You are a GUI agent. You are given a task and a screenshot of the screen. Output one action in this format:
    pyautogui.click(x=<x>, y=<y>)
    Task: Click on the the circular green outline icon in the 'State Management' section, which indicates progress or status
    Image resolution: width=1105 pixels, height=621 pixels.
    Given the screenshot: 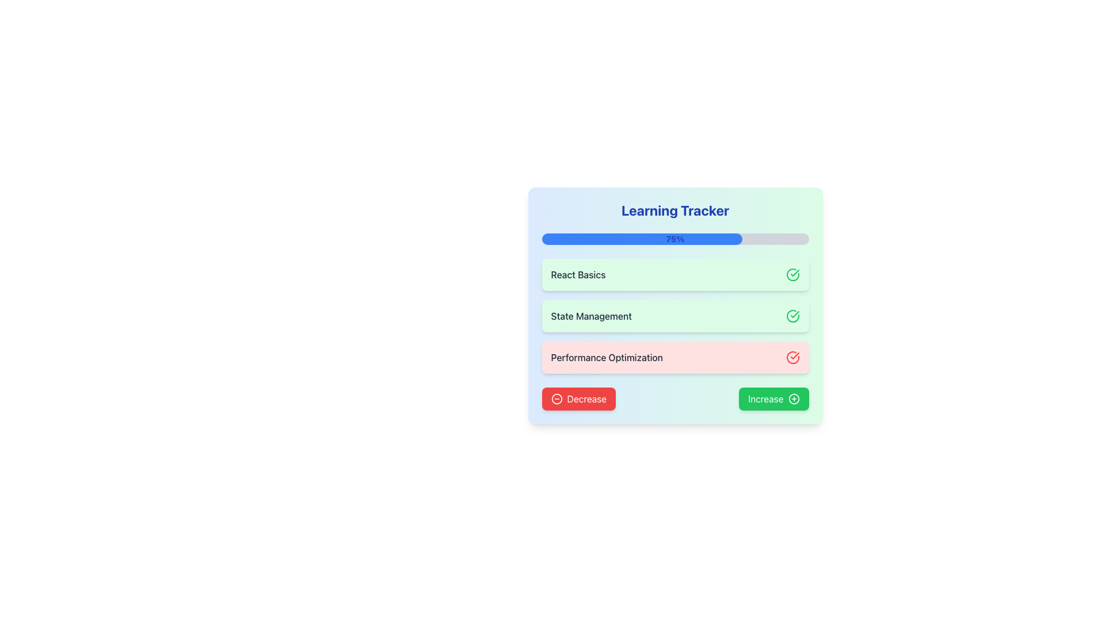 What is the action you would take?
    pyautogui.click(x=792, y=316)
    